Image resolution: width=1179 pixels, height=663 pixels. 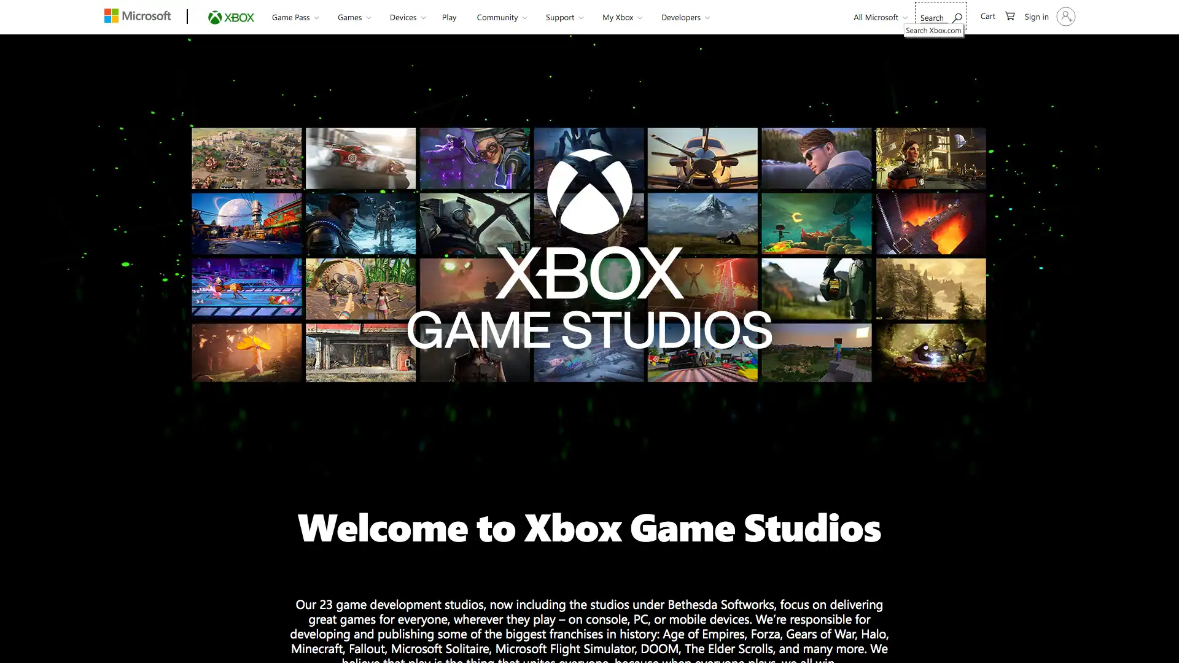 I want to click on Support, so click(x=563, y=17).